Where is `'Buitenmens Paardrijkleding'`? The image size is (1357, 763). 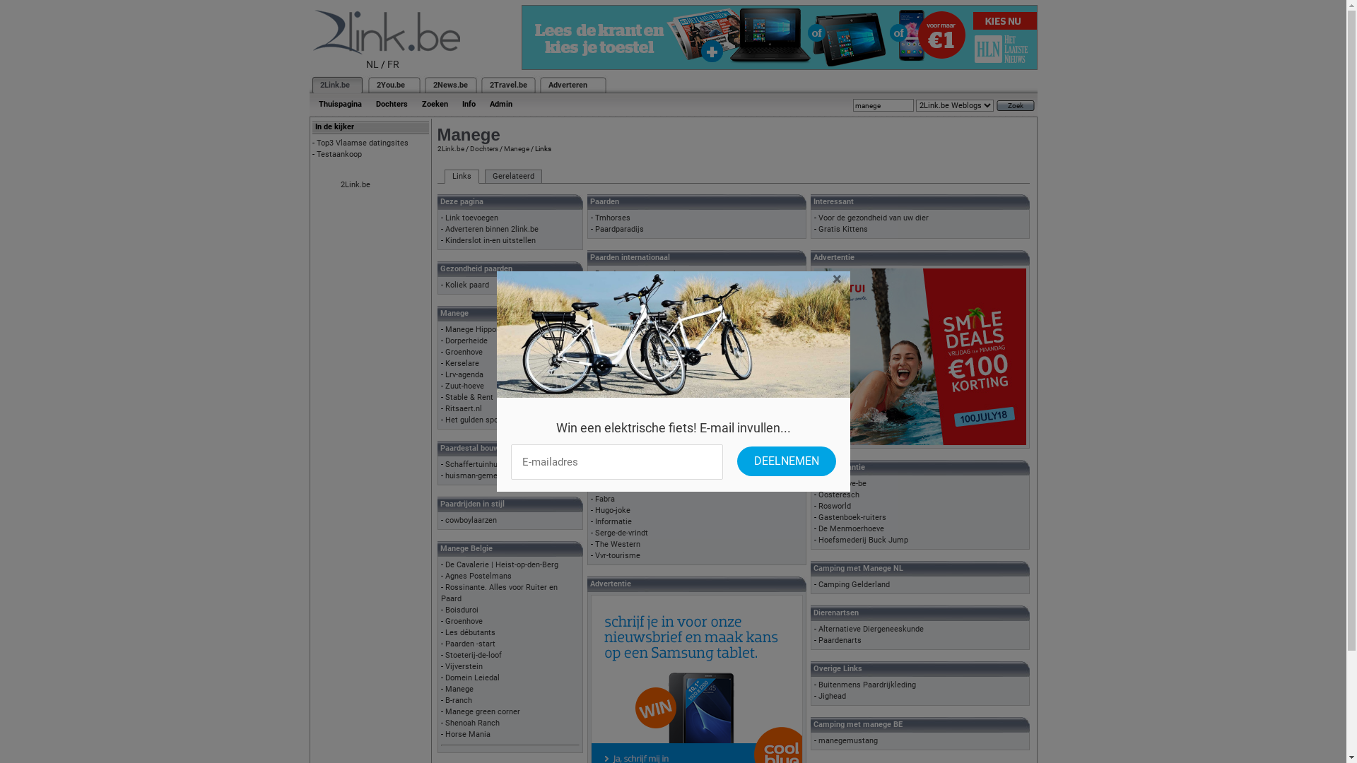
'Buitenmens Paardrijkleding' is located at coordinates (867, 684).